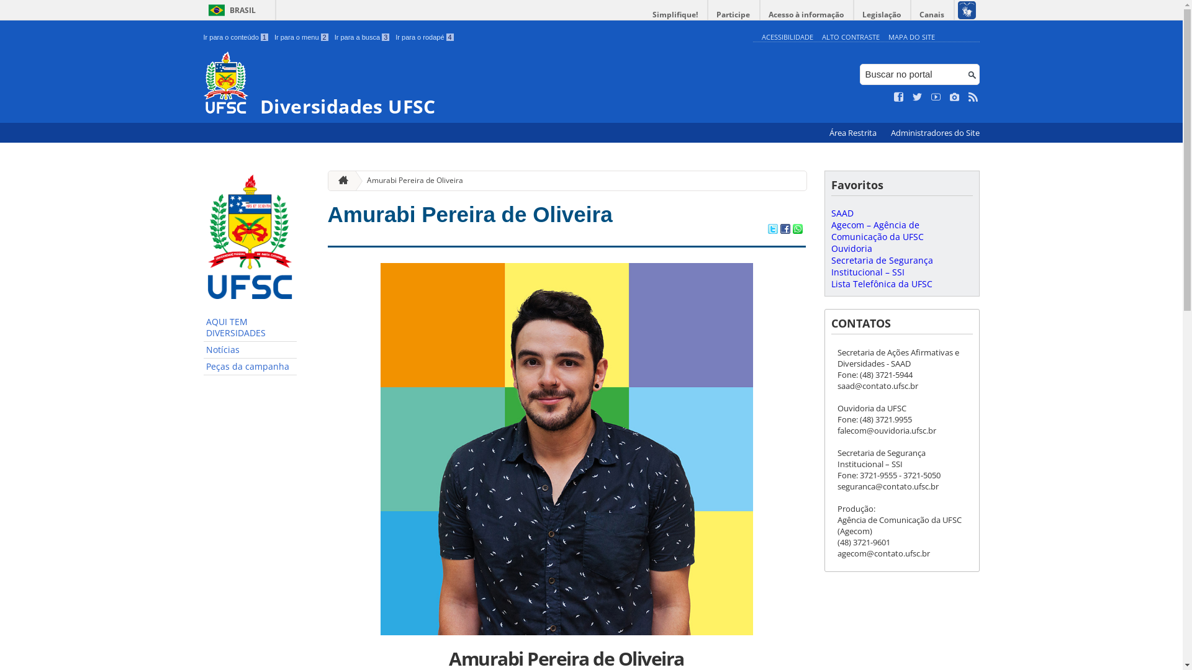 This screenshot has height=670, width=1192. I want to click on 'Canais', so click(932, 14).